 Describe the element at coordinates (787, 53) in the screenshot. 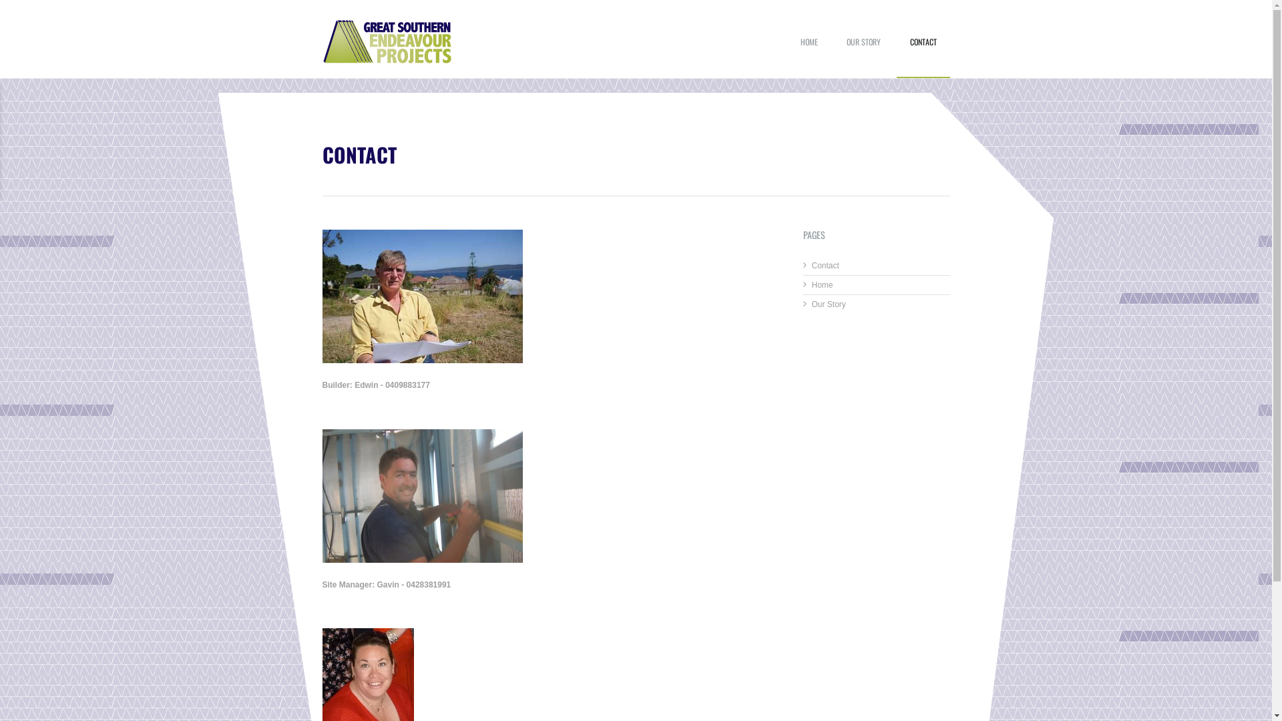

I see `'HOME'` at that location.